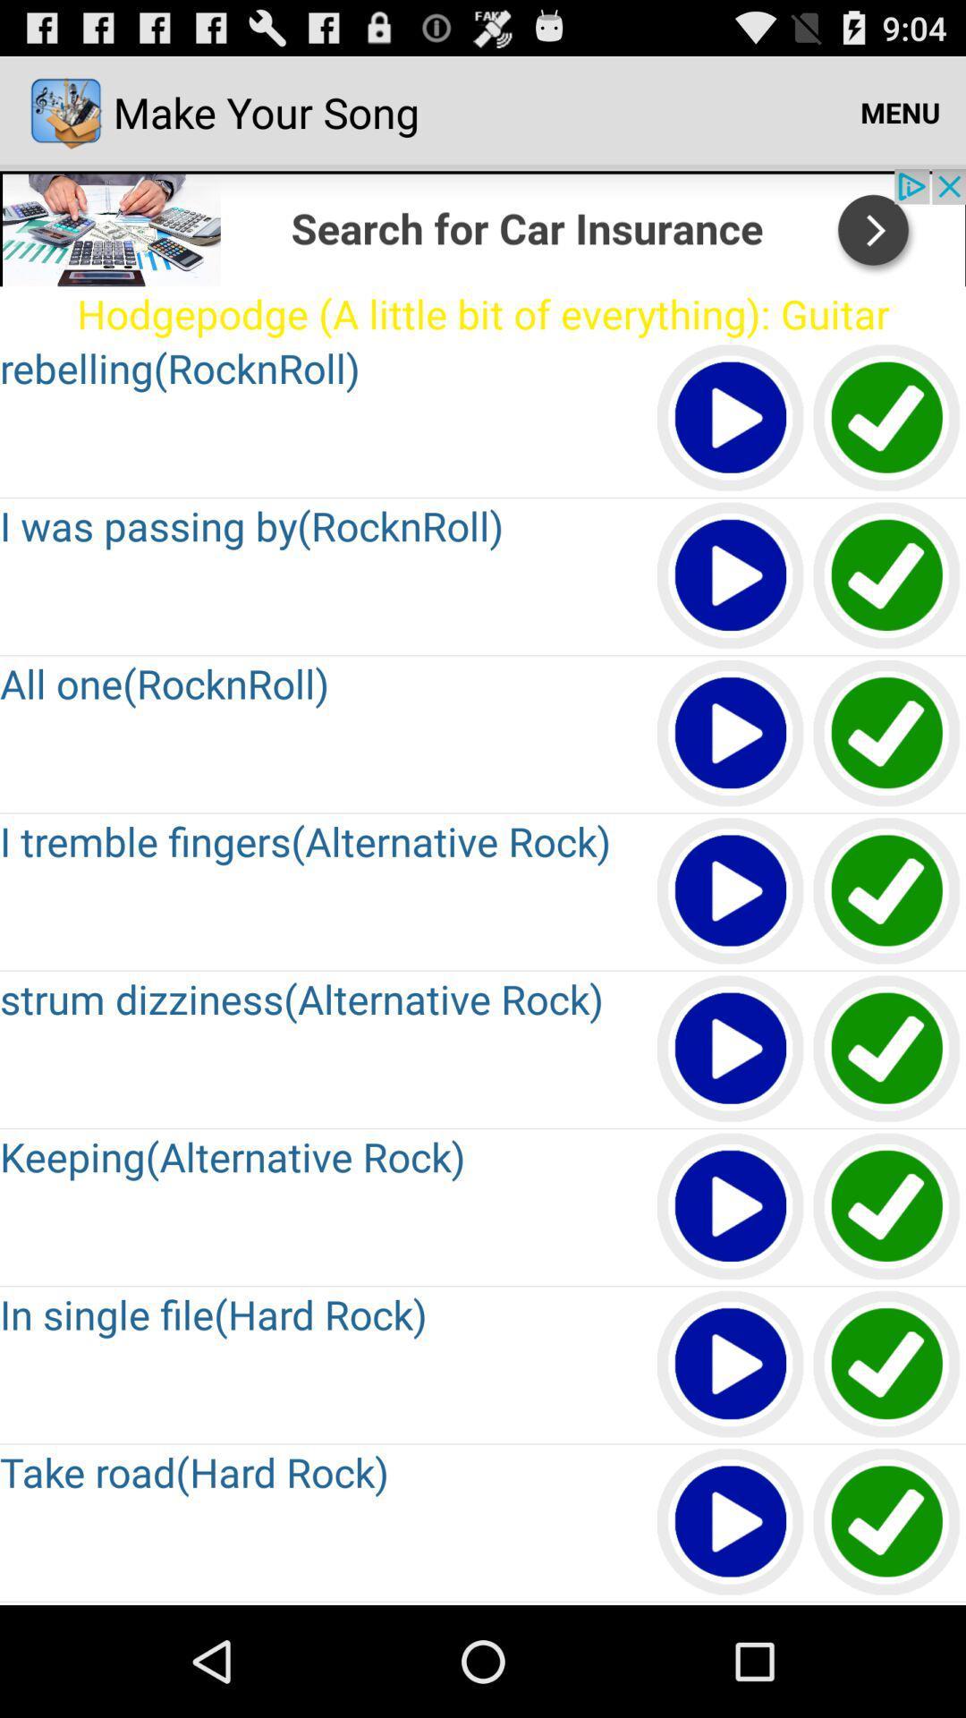  Describe the element at coordinates (731, 1207) in the screenshot. I see `user` at that location.